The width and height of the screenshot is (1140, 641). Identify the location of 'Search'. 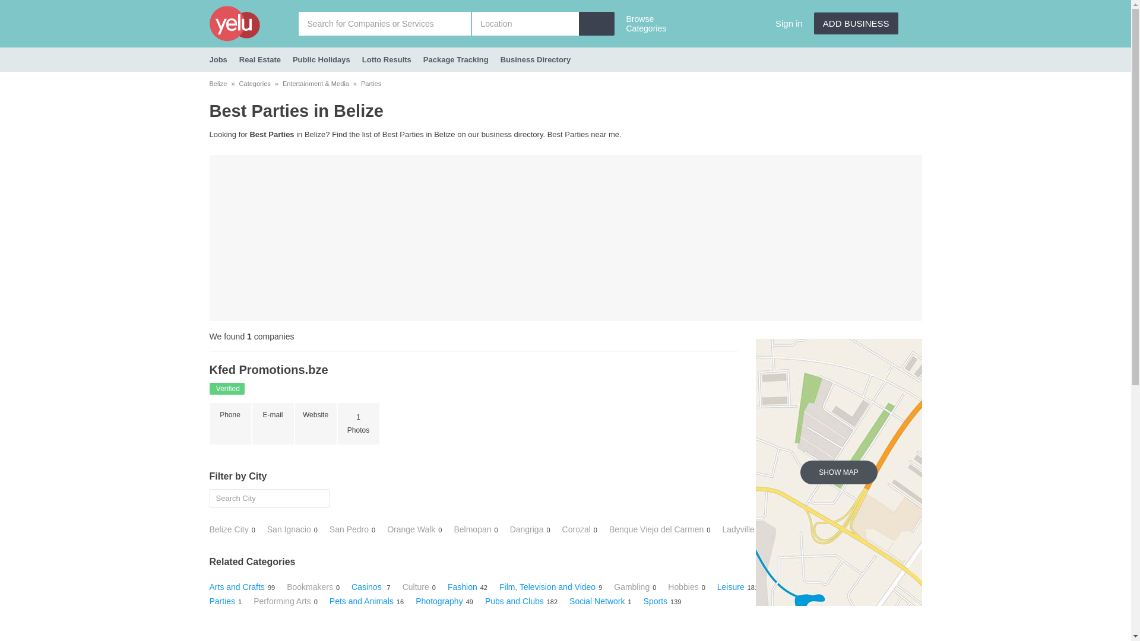
(14, 5).